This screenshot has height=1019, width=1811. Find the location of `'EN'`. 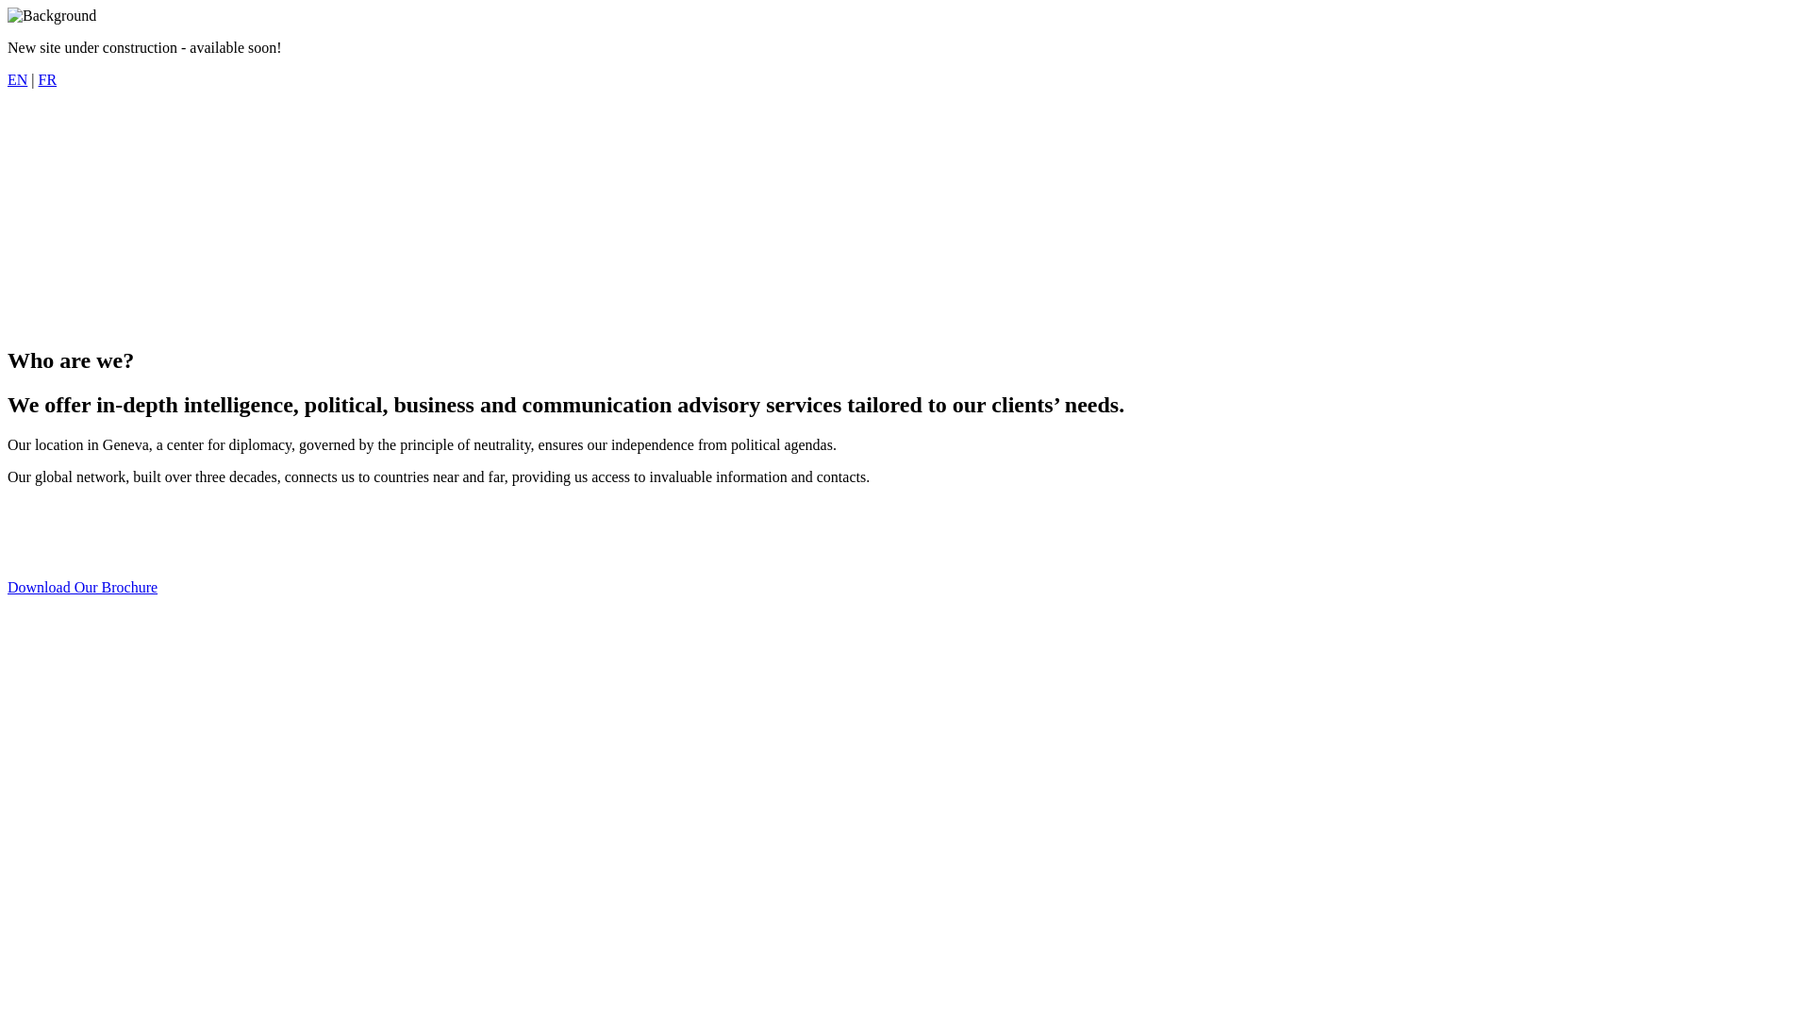

'EN' is located at coordinates (17, 78).